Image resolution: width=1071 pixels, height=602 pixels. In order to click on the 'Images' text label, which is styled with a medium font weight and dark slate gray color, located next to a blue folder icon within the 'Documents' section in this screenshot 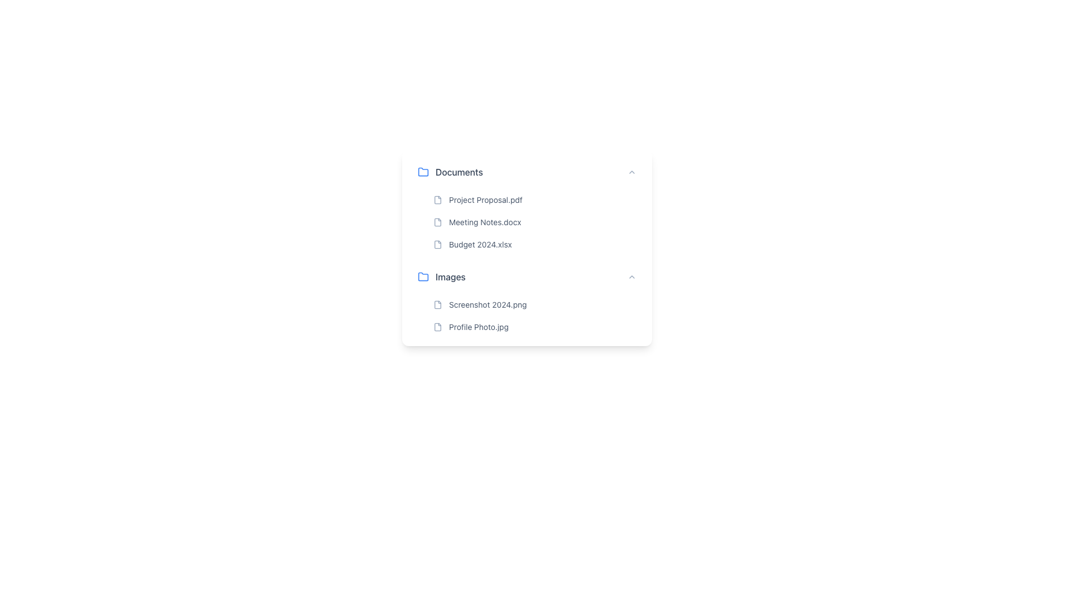, I will do `click(450, 276)`.